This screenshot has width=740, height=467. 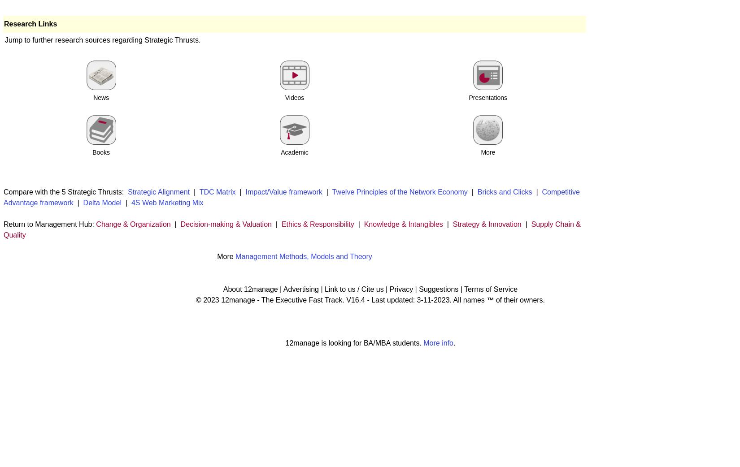 I want to click on 'Terms of Service', so click(x=491, y=289).